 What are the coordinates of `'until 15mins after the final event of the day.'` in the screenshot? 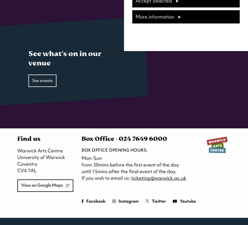 It's located at (129, 171).